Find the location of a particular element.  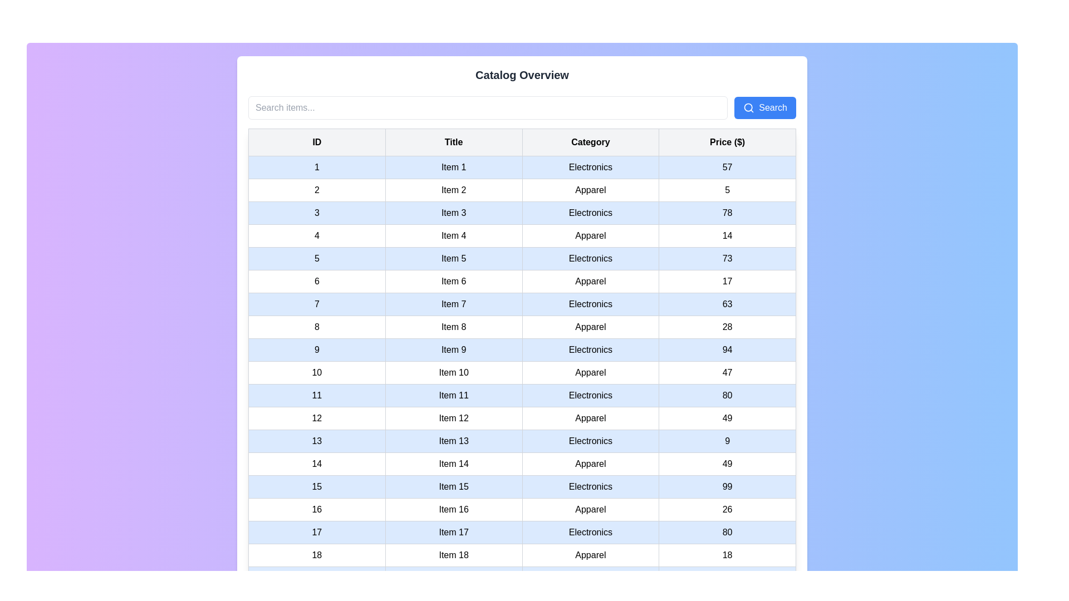

the title label for the twelfth item is located at coordinates (454, 418).